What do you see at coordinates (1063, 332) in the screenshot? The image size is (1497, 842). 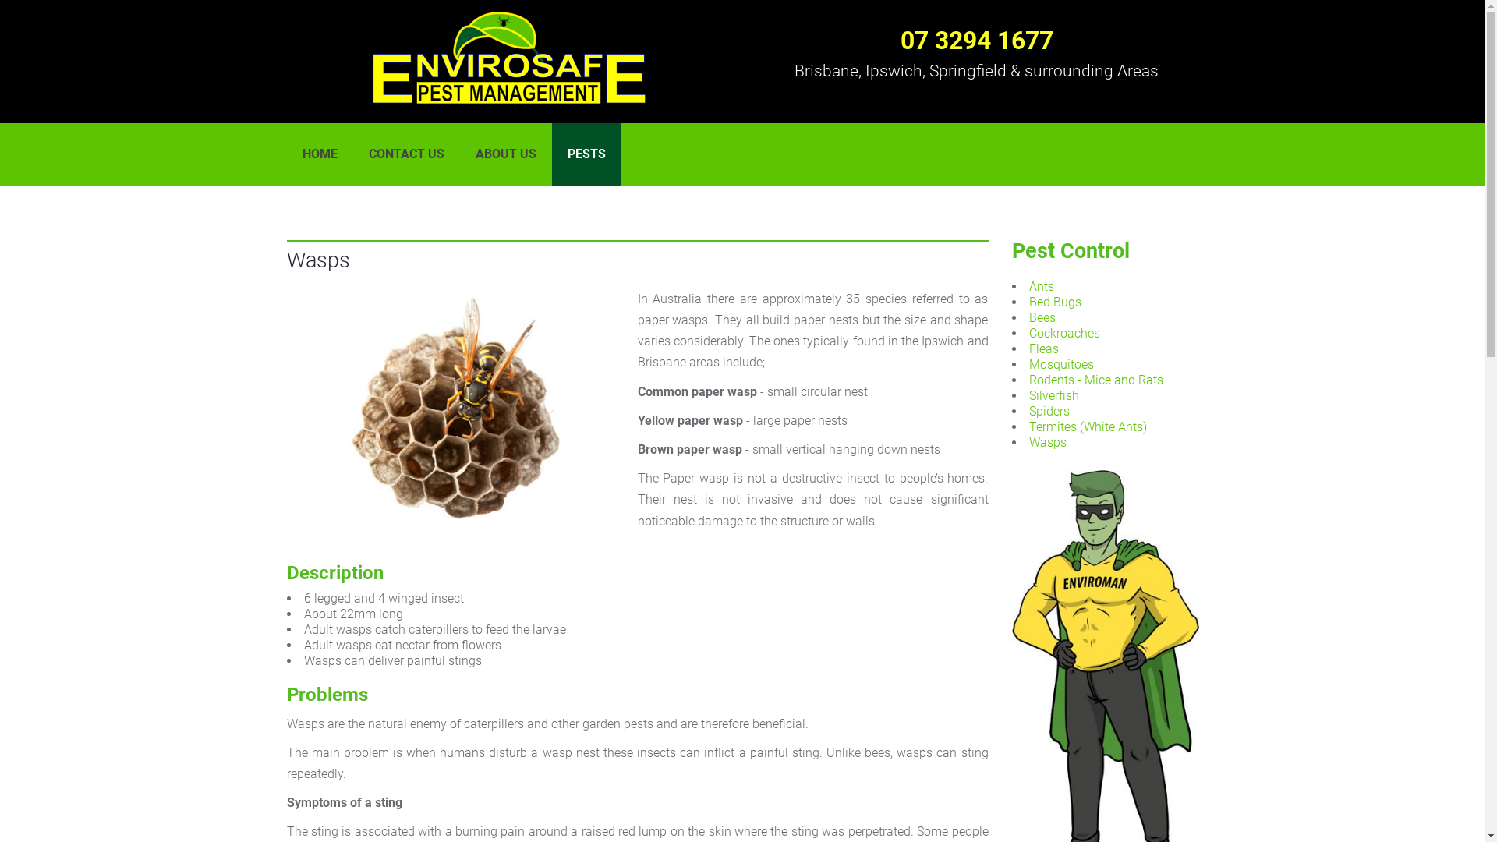 I see `'Cockroaches'` at bounding box center [1063, 332].